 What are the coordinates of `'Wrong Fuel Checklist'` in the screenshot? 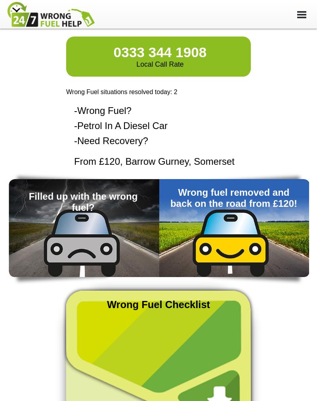 It's located at (158, 304).